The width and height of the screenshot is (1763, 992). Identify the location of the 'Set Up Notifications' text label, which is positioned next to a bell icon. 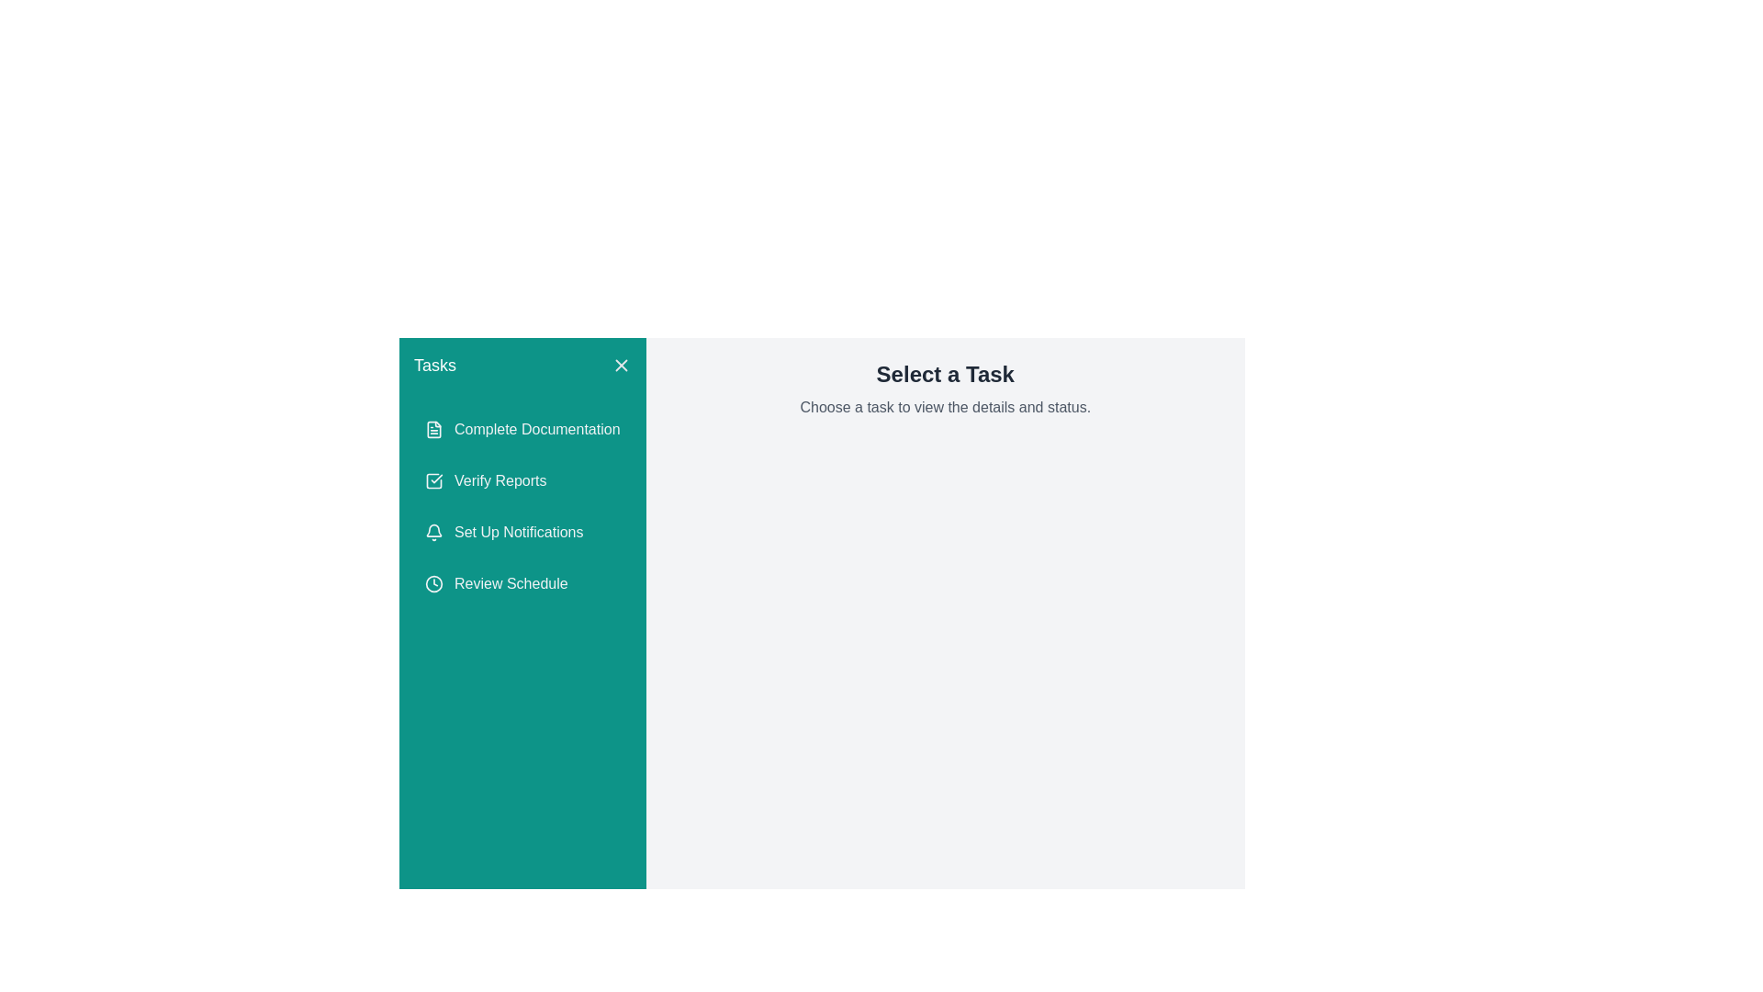
(518, 532).